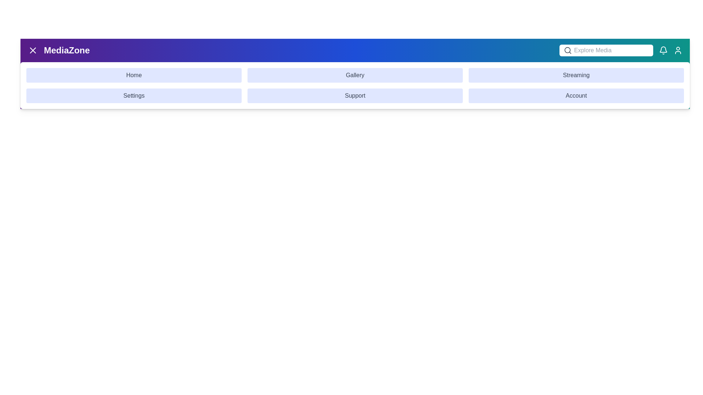 This screenshot has height=395, width=703. Describe the element at coordinates (663, 50) in the screenshot. I see `the notification icon in the app bar` at that location.